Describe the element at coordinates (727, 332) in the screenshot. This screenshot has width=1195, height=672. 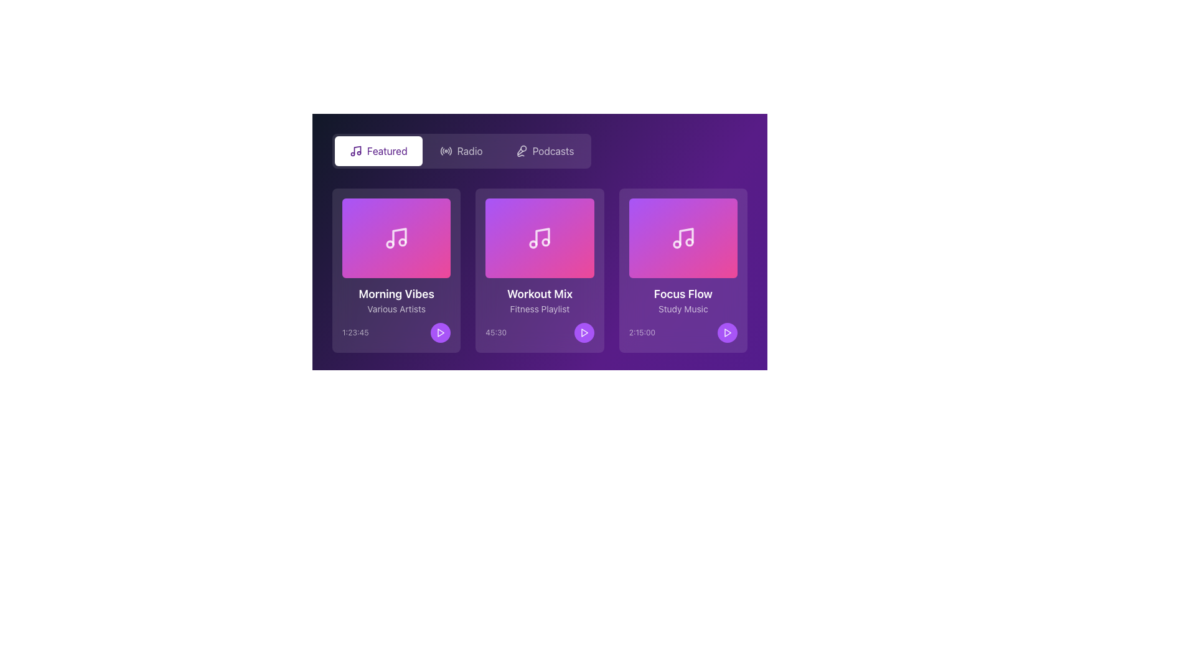
I see `the playback button for the 'Focus Flow' music playlist` at that location.